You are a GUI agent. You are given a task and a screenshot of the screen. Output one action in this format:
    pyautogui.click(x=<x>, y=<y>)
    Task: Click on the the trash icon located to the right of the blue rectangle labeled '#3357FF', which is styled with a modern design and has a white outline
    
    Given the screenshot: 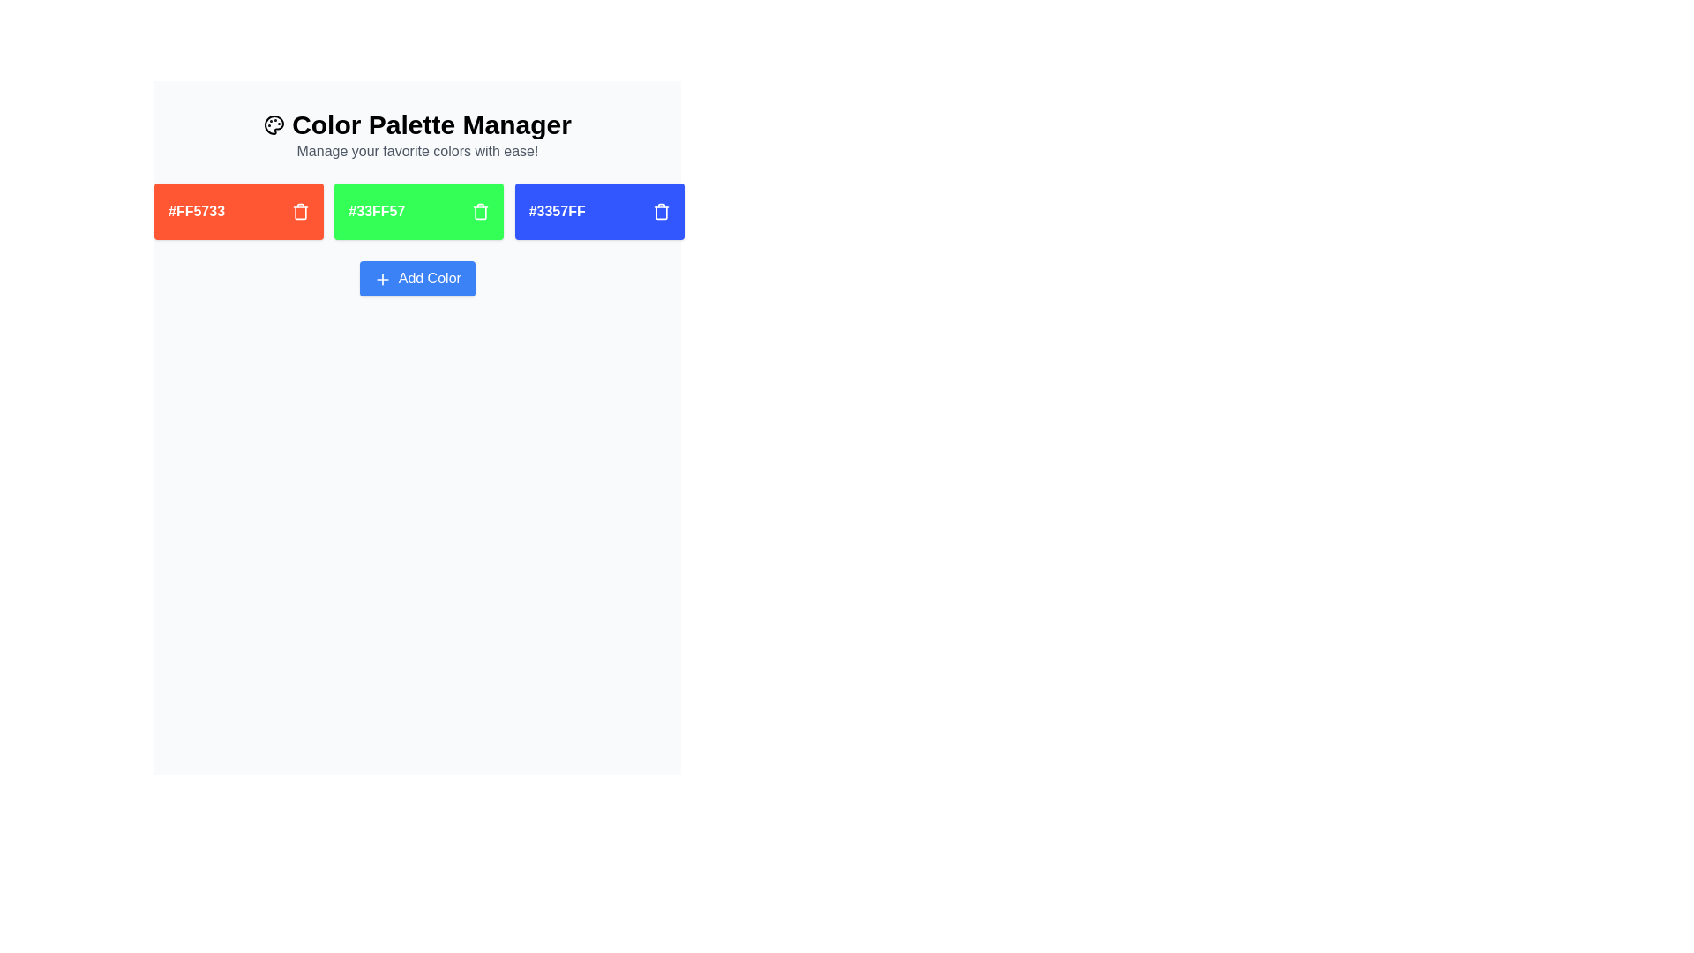 What is the action you would take?
    pyautogui.click(x=660, y=212)
    